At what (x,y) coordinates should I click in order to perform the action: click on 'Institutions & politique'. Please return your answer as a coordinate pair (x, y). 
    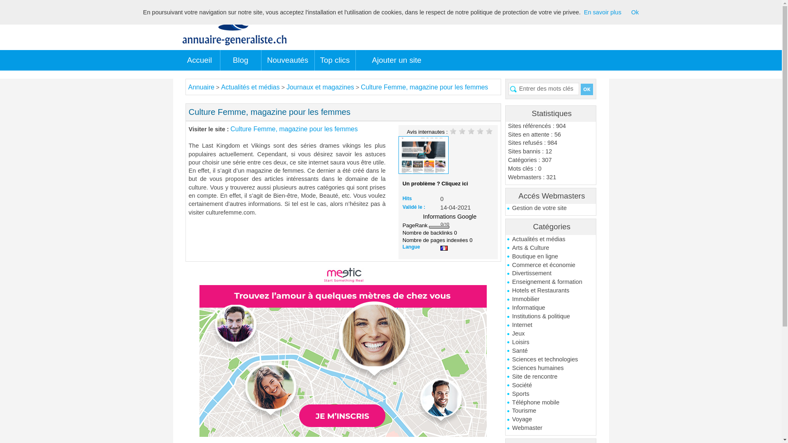
    Looking at the image, I should click on (551, 316).